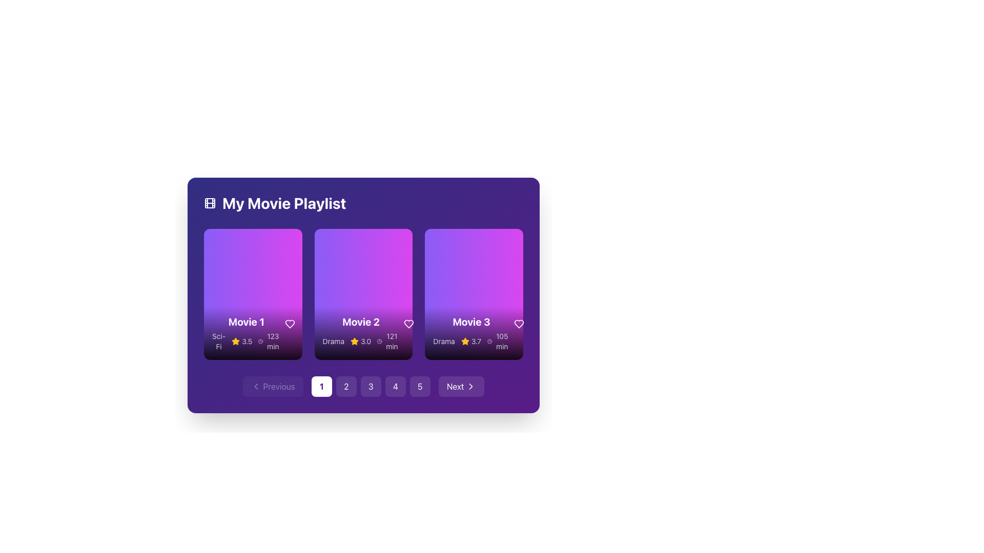  I want to click on the clock icon element, which is a circular outline with minute and hour hands, located to the left of the text '121 min' in the second card of a horizontally aligned card group under the title 'Movie 2', so click(379, 342).